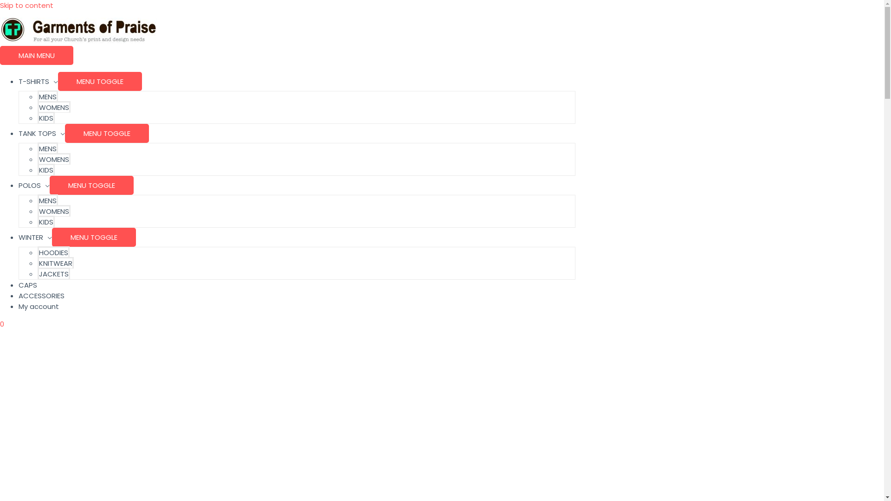 The image size is (891, 501). What do you see at coordinates (45, 221) in the screenshot?
I see `'KIDS'` at bounding box center [45, 221].